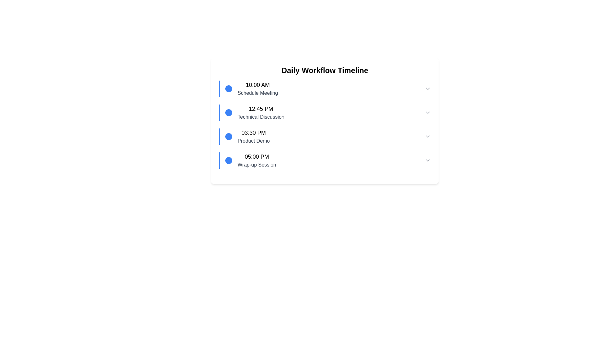 Image resolution: width=605 pixels, height=340 pixels. What do you see at coordinates (258, 93) in the screenshot?
I see `text label that provides a description for the event scheduled at '10:00 AM', specifically the 'Schedule Meeting' text label located beneath the time label` at bounding box center [258, 93].